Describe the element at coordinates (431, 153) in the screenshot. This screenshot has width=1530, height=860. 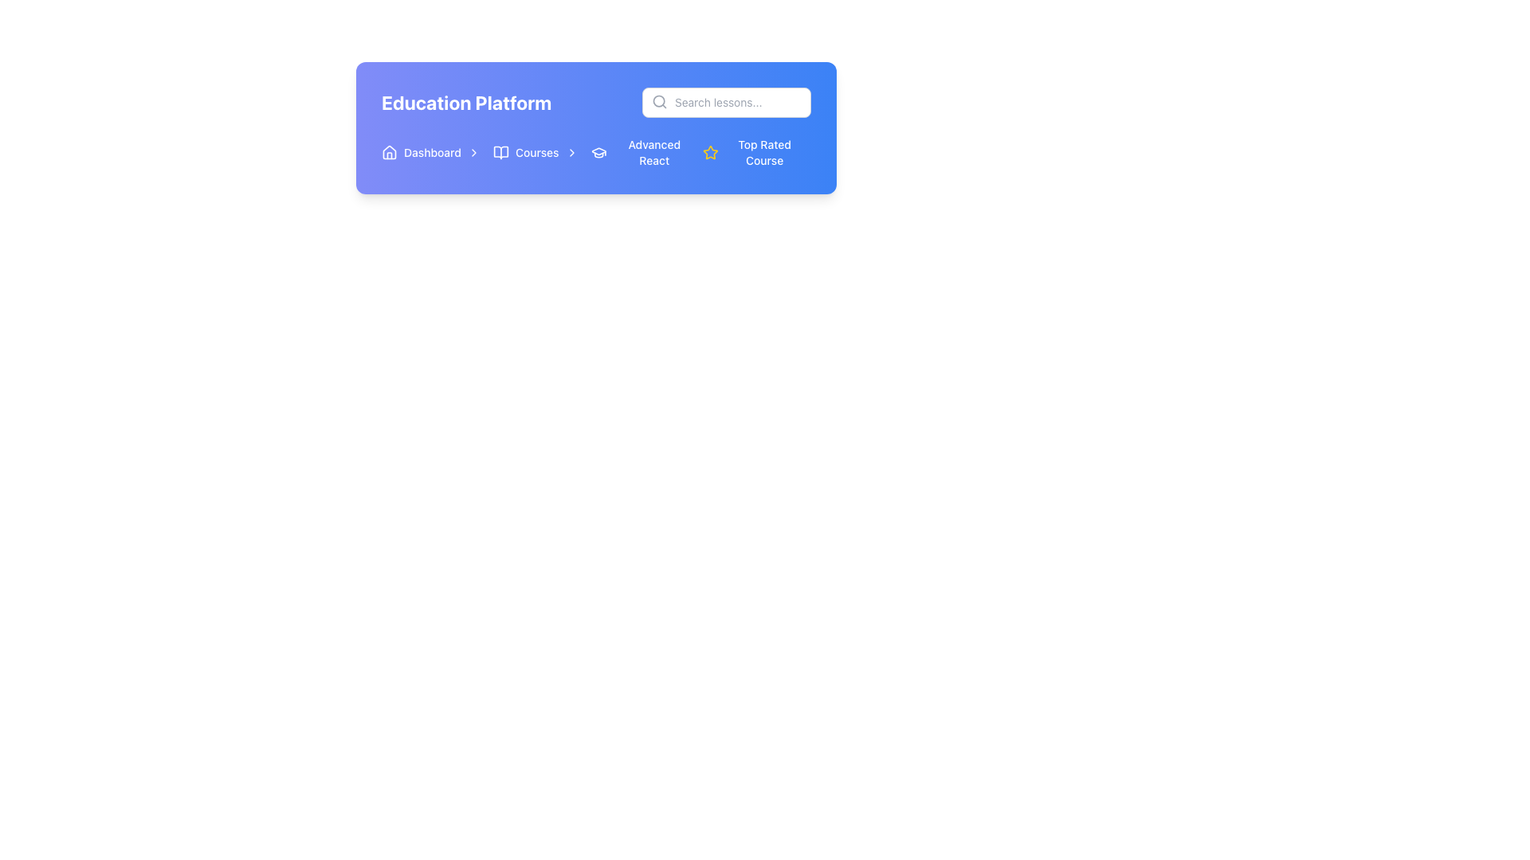
I see `the Breadcrumb navigation link that displays 'Dashboard' with a house icon` at that location.